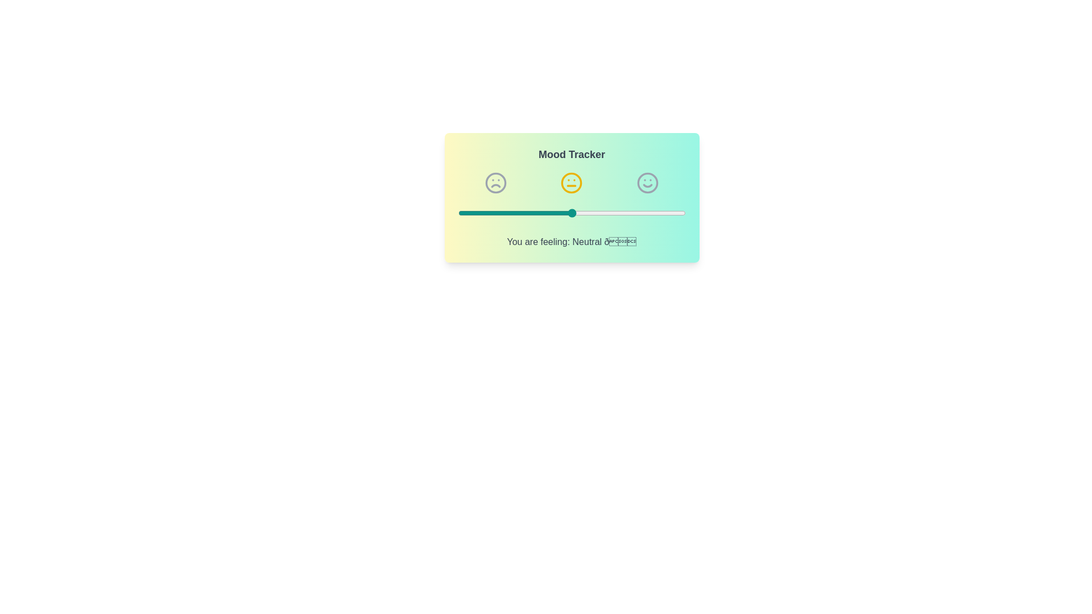  I want to click on the mood slider to 2 (1 for Sad, 2 for Neutral, 3 for Happy), so click(572, 213).